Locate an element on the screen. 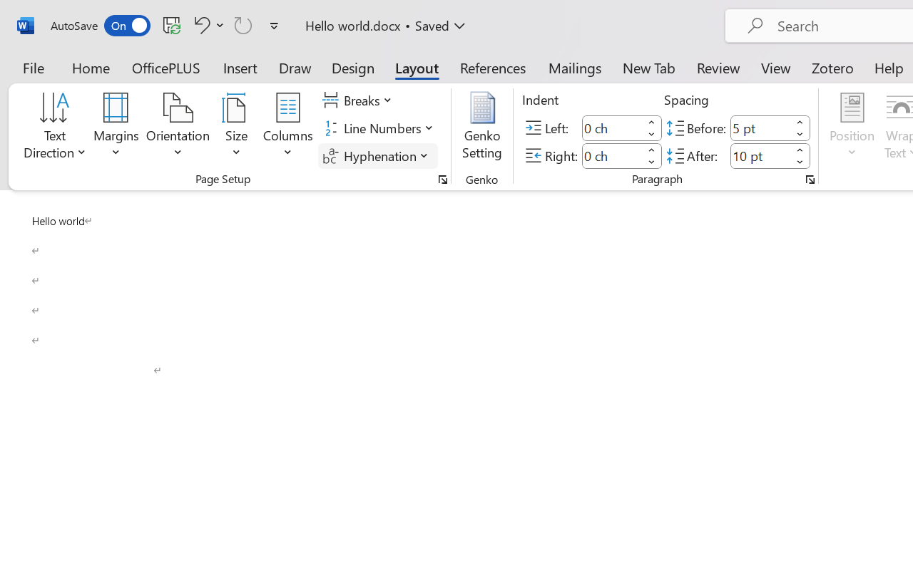 This screenshot has height=570, width=913. 'Undo Apply Quick Style Set' is located at coordinates (206, 24).